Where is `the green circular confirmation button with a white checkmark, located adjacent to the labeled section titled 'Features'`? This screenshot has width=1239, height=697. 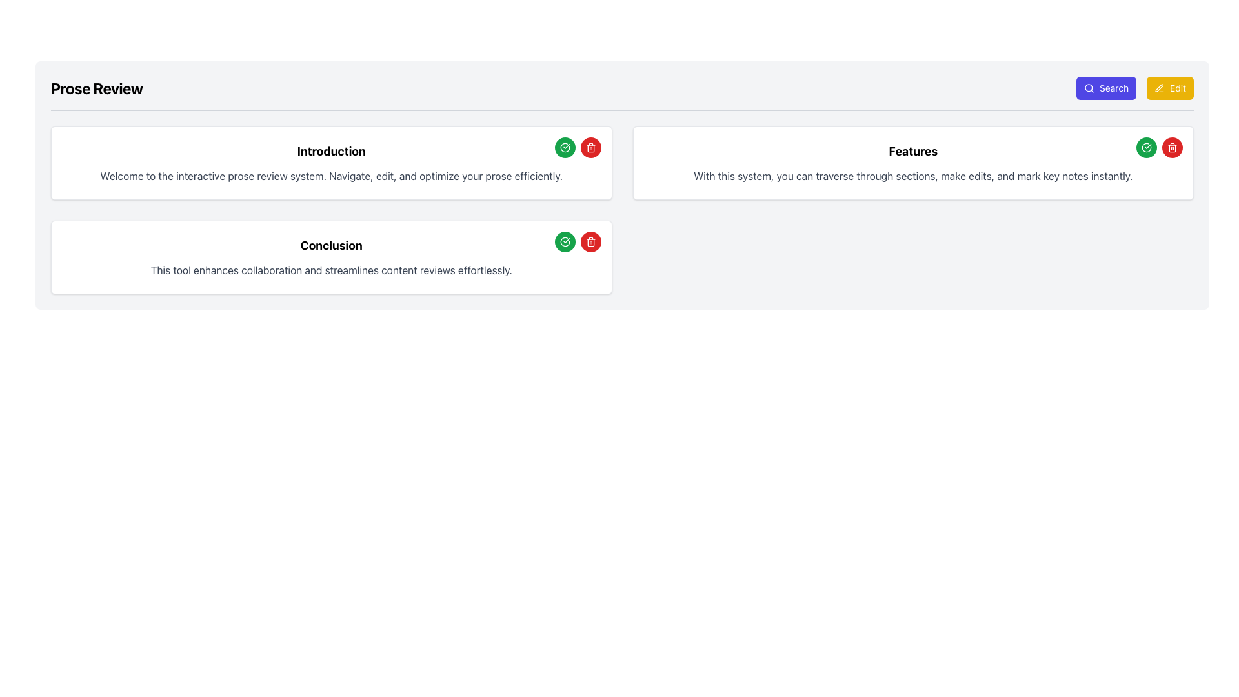
the green circular confirmation button with a white checkmark, located adjacent to the labeled section titled 'Features' is located at coordinates (1146, 146).